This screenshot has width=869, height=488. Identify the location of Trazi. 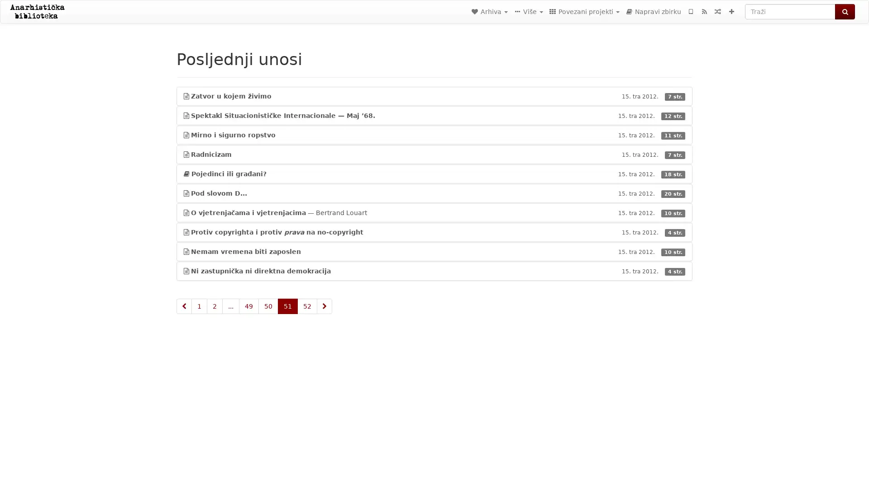
(845, 12).